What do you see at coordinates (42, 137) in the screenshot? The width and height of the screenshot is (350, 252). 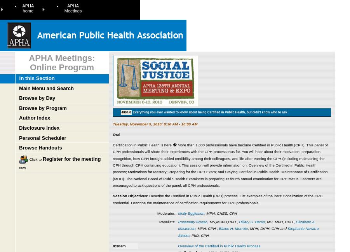 I see `'Personal Scheduler'` at bounding box center [42, 137].